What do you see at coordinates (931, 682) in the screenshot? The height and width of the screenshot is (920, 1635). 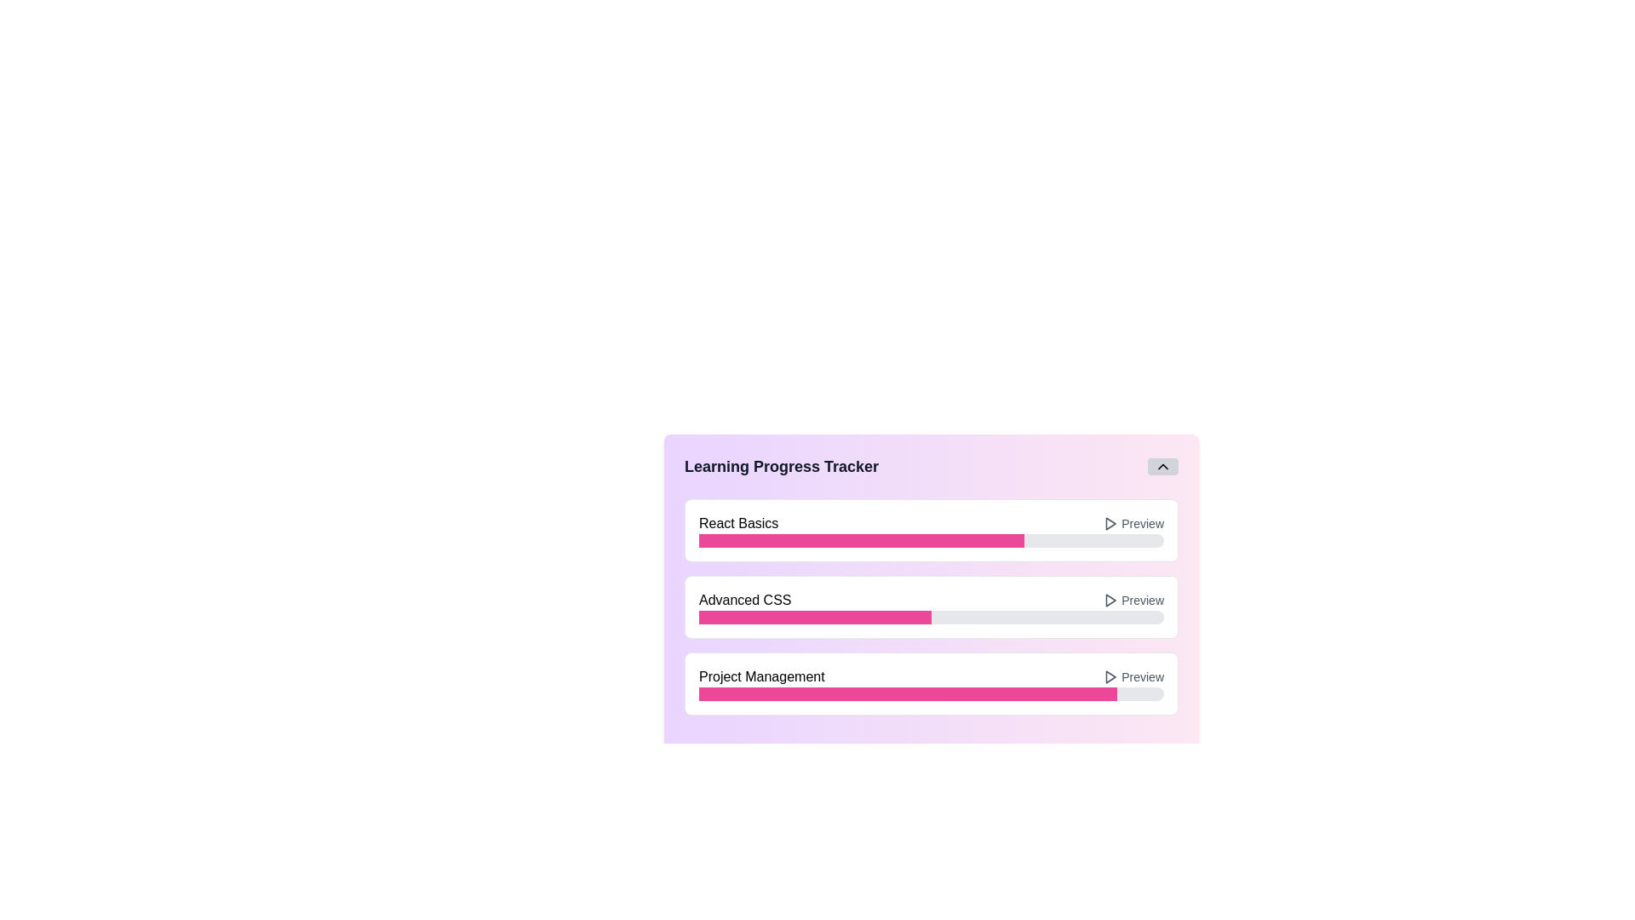 I see `the progress bar of the 'Project Management' list item in the 'Learning Progress Tracker' panel to get more details` at bounding box center [931, 682].